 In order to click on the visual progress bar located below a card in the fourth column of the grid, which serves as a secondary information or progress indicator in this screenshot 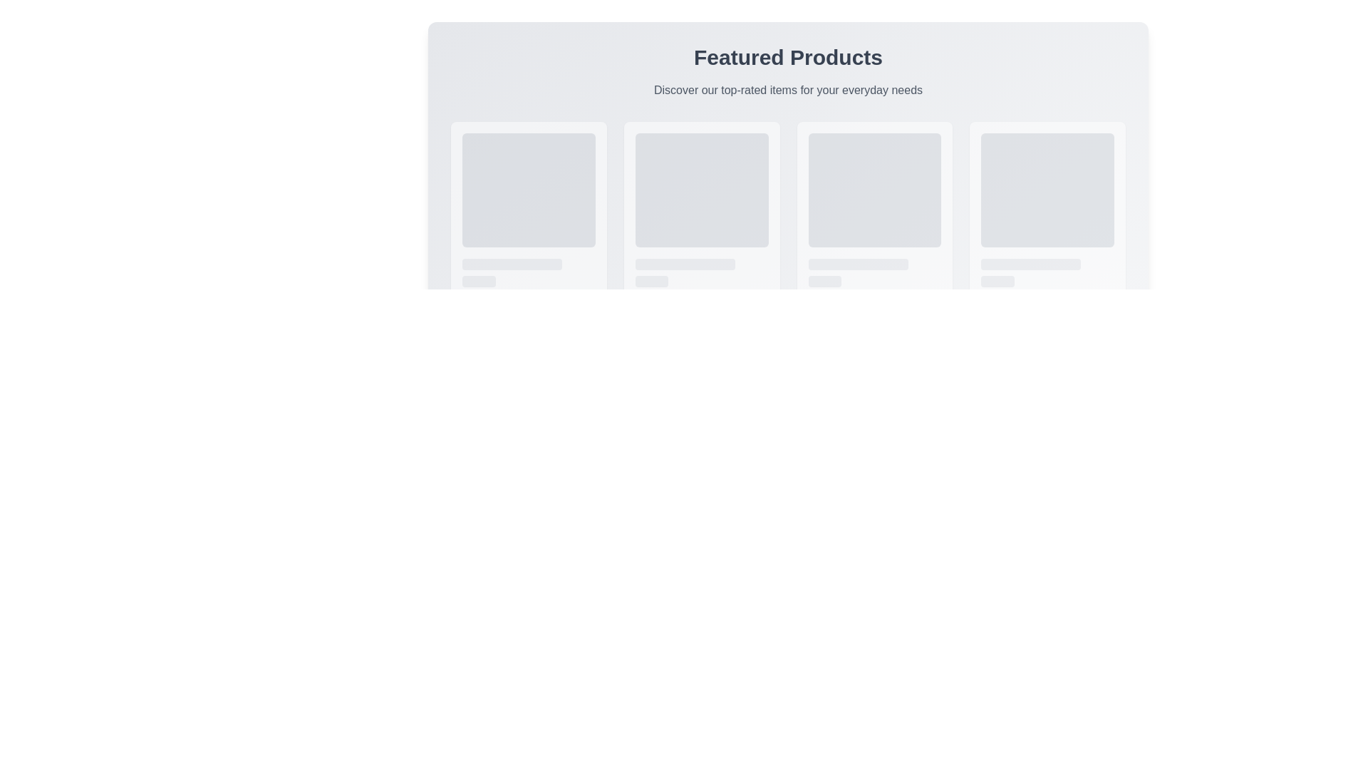, I will do `click(824, 281)`.